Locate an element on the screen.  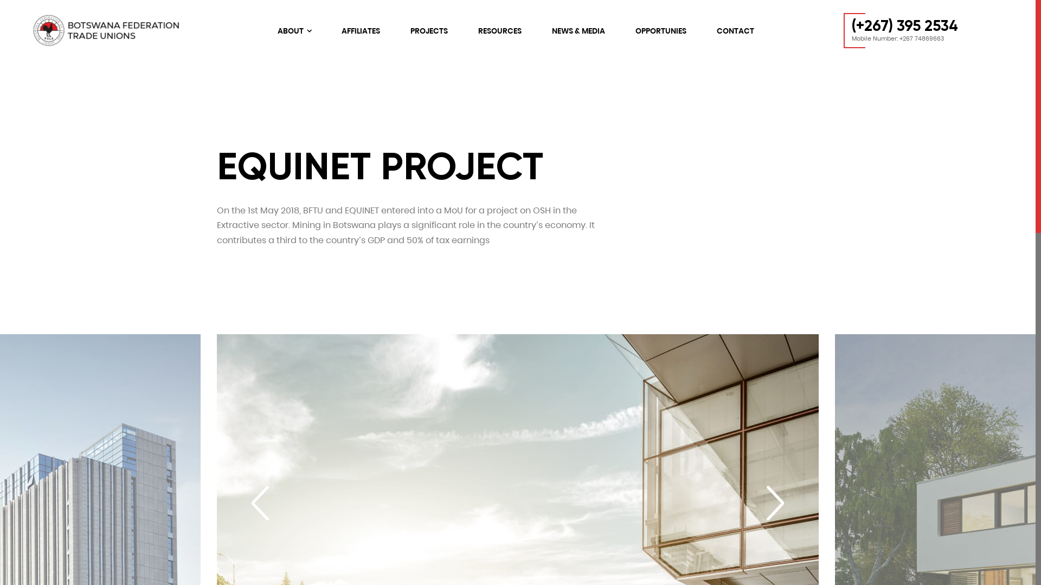
'AFFILIATES' is located at coordinates (340, 30).